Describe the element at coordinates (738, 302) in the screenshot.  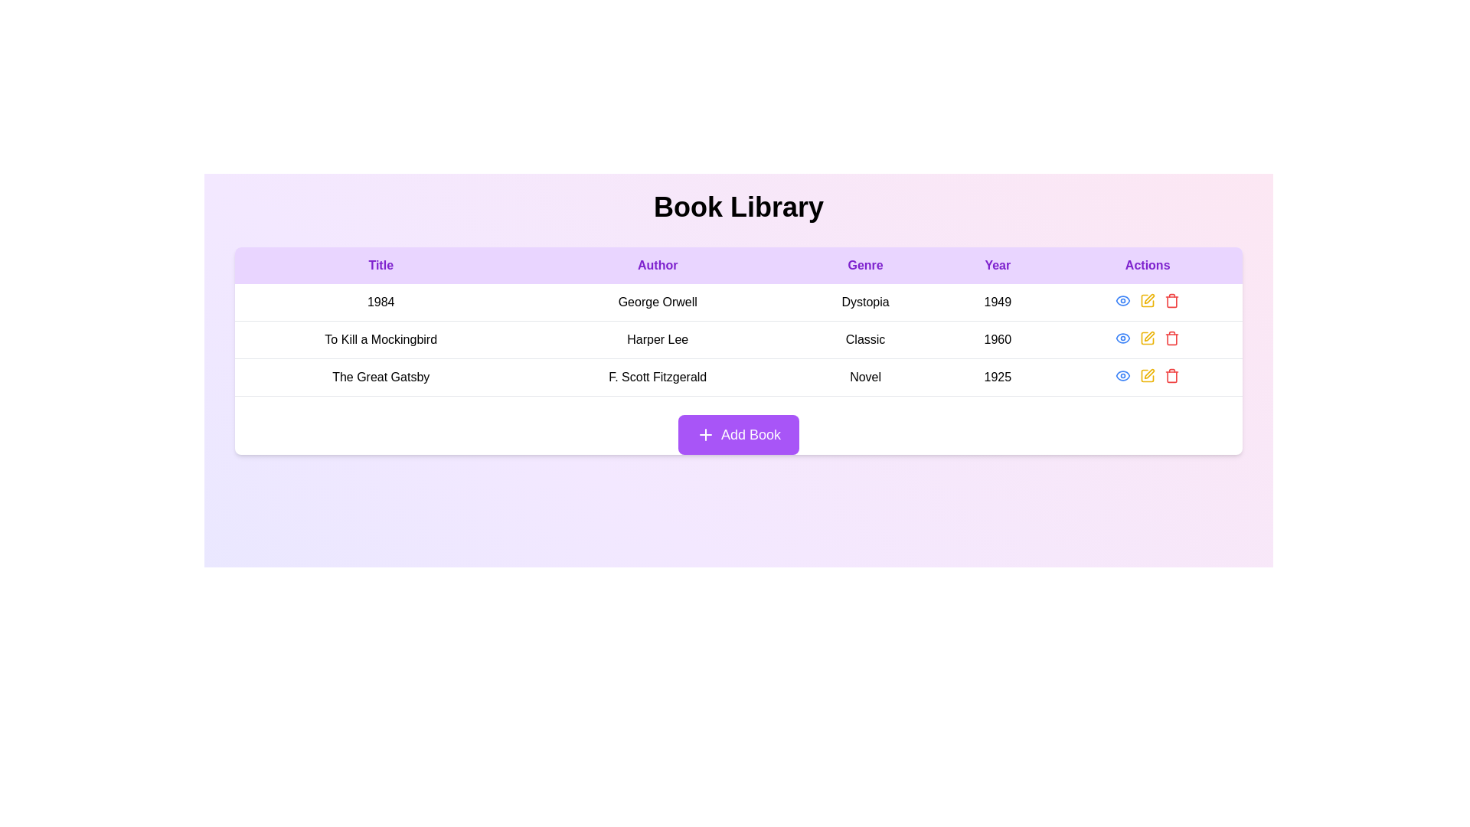
I see `the first table row containing book details, specifically the title, author, genre, and publication year, using keyboard or assistive technologies` at that location.